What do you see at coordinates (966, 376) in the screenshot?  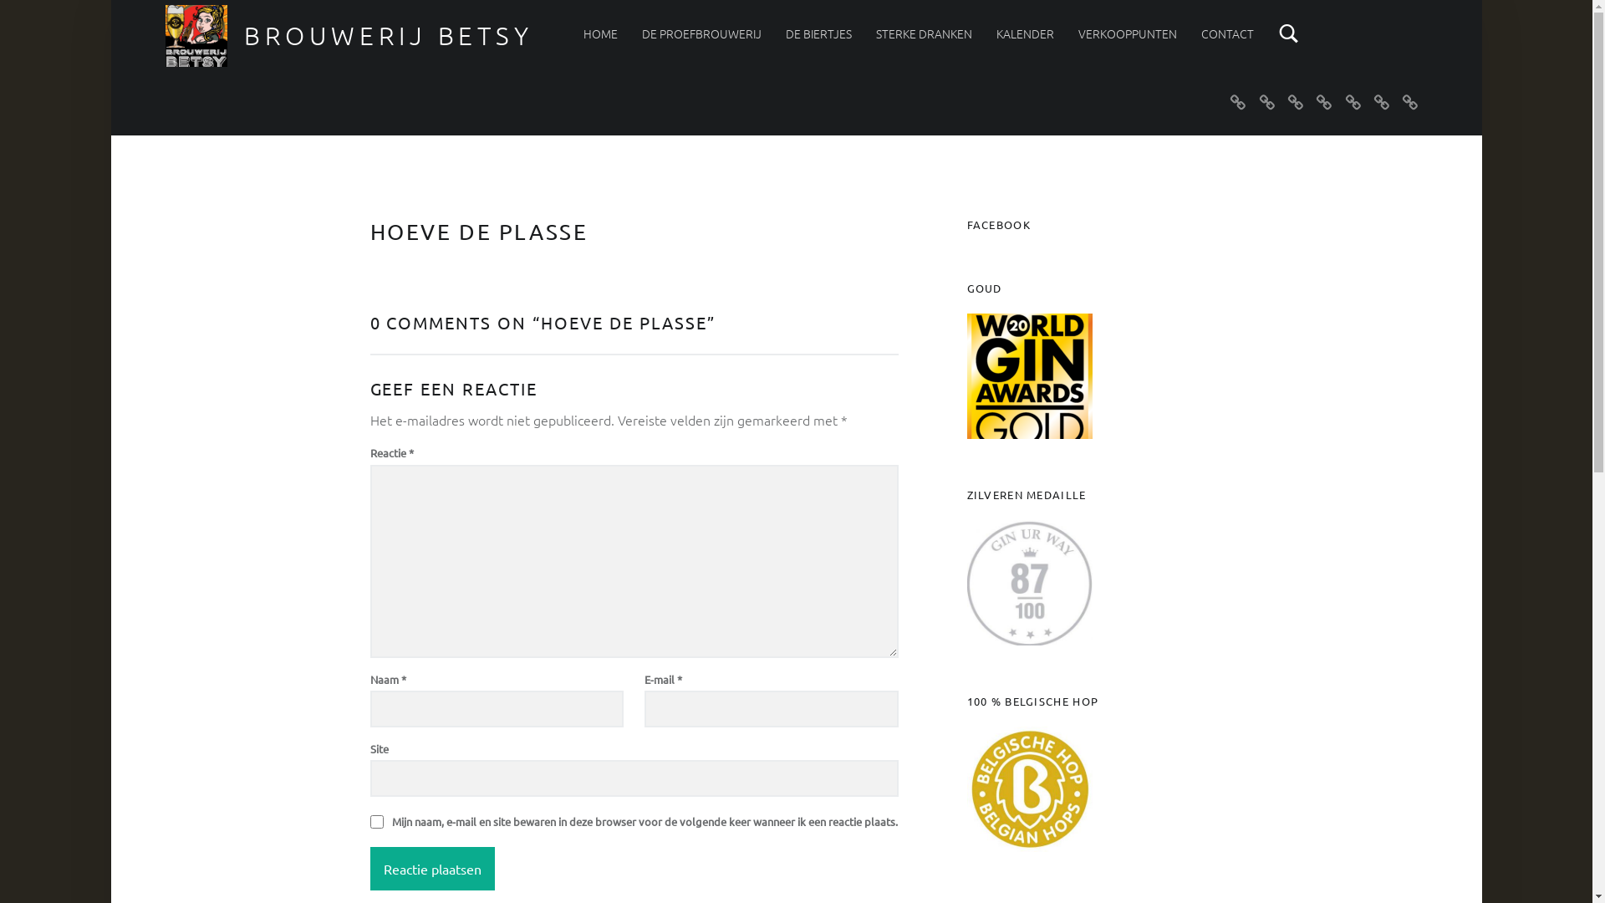 I see `'Goud'` at bounding box center [966, 376].